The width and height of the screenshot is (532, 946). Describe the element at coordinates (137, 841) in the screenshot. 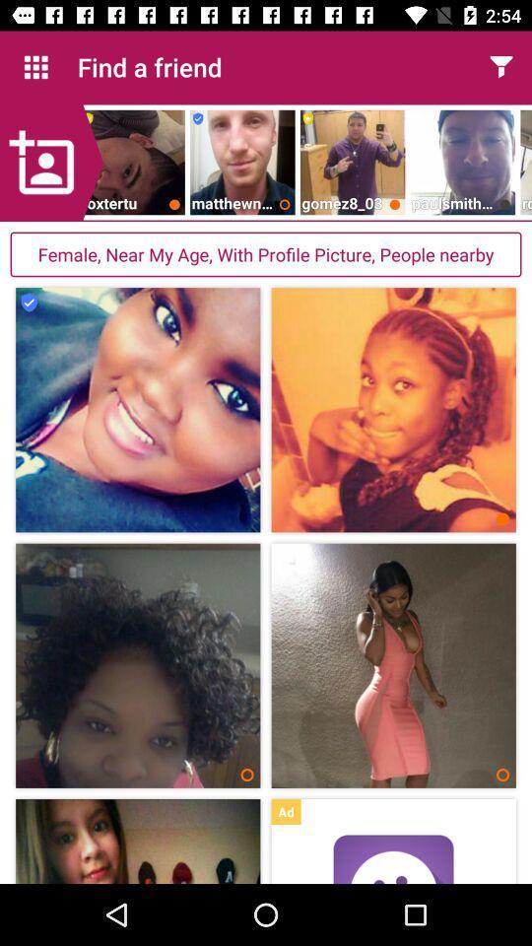

I see `the image at the bottom left corner` at that location.